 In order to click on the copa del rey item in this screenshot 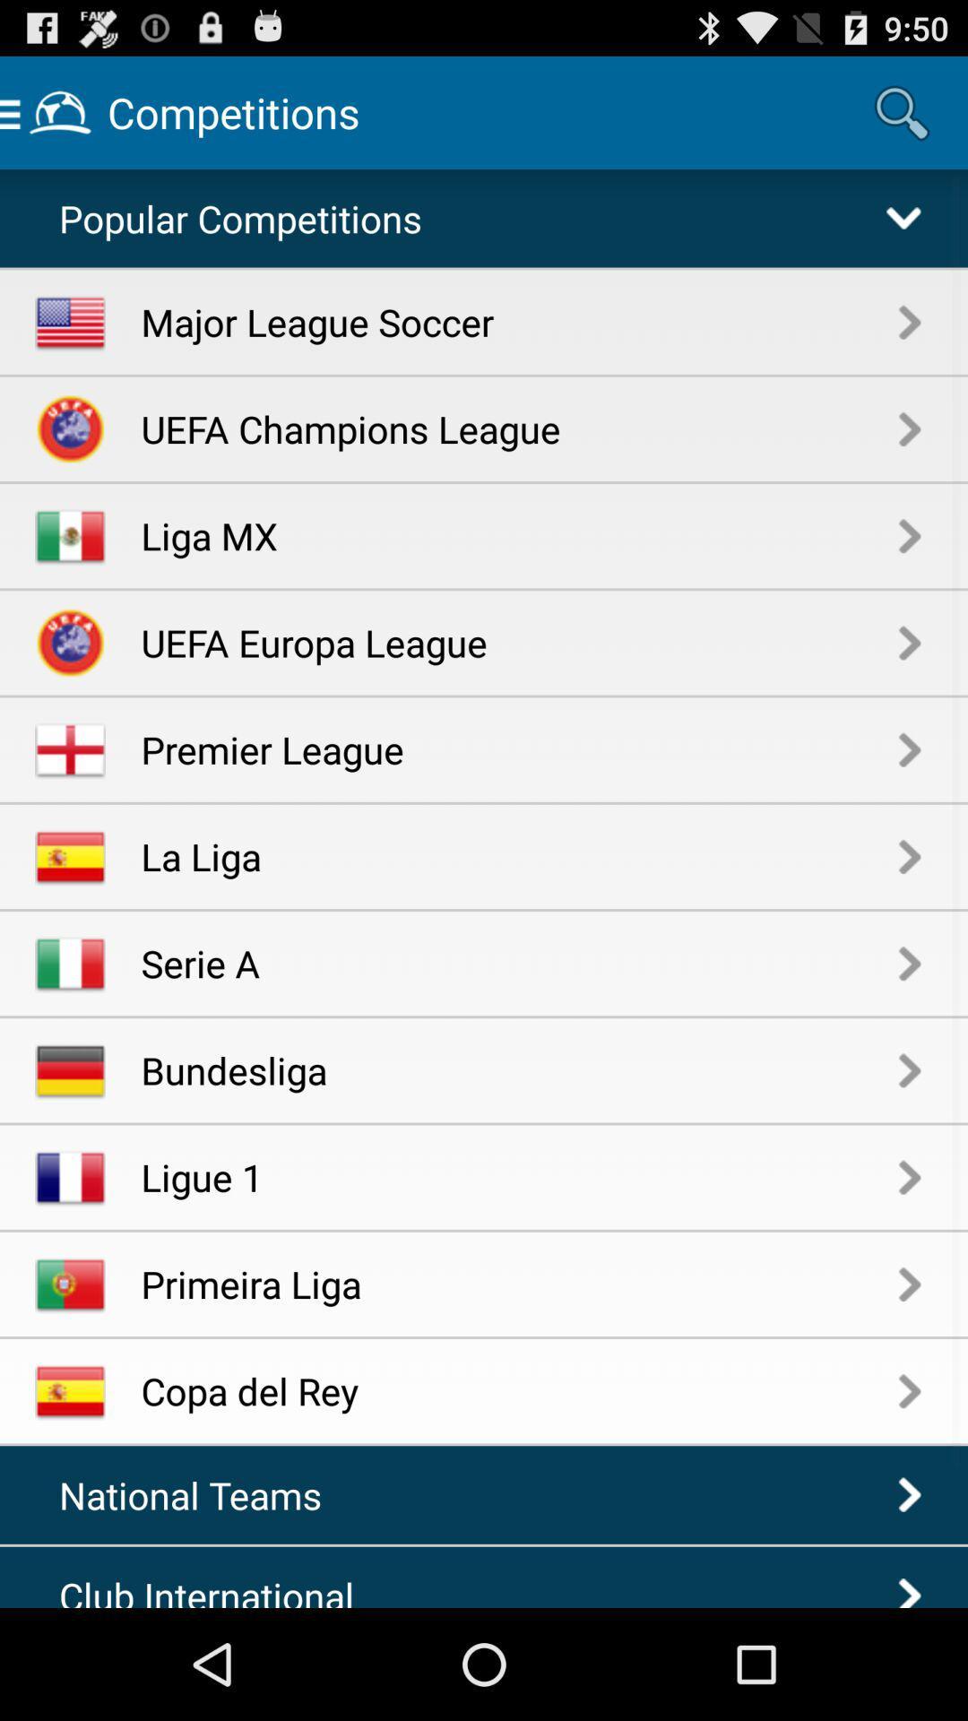, I will do `click(520, 1389)`.